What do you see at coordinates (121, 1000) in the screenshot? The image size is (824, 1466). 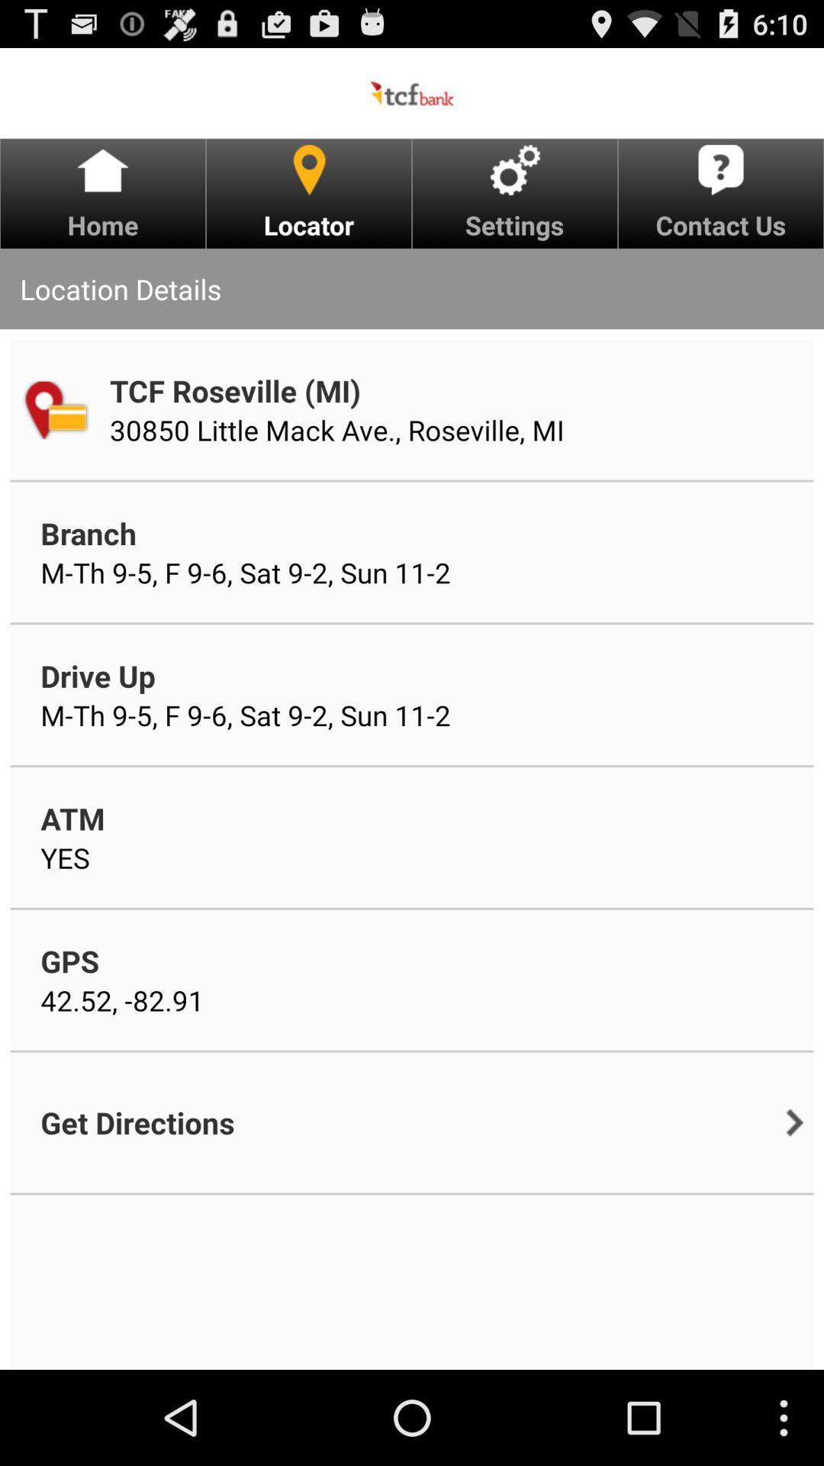 I see `icon above get directions icon` at bounding box center [121, 1000].